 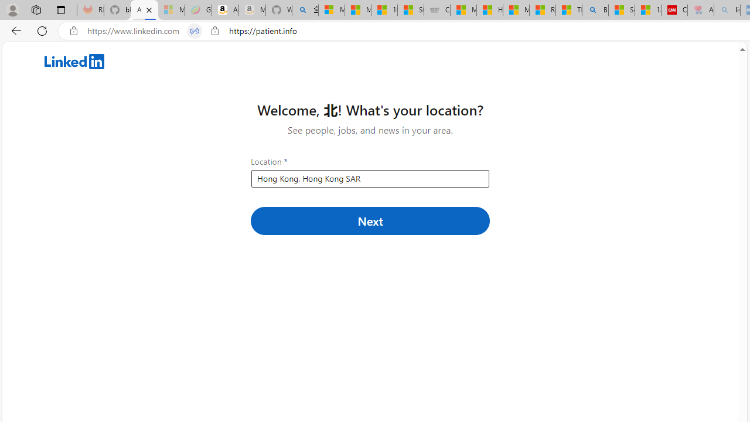 What do you see at coordinates (489, 10) in the screenshot?
I see `'How I Got Rid of Microsoft Edge'` at bounding box center [489, 10].